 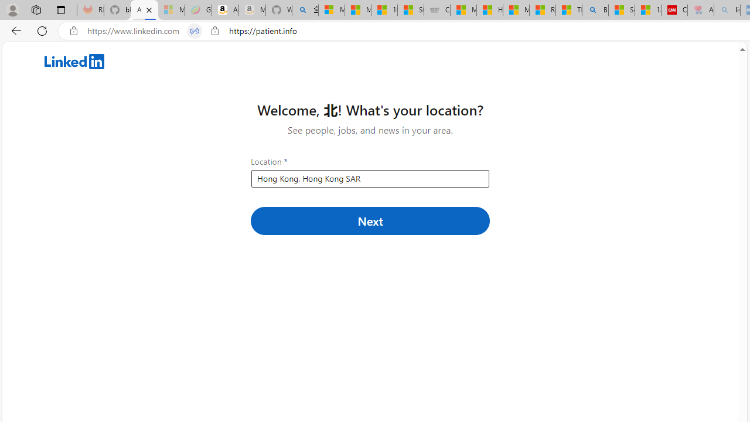 What do you see at coordinates (489, 10) in the screenshot?
I see `'How I Got Rid of Microsoft Edge'` at bounding box center [489, 10].